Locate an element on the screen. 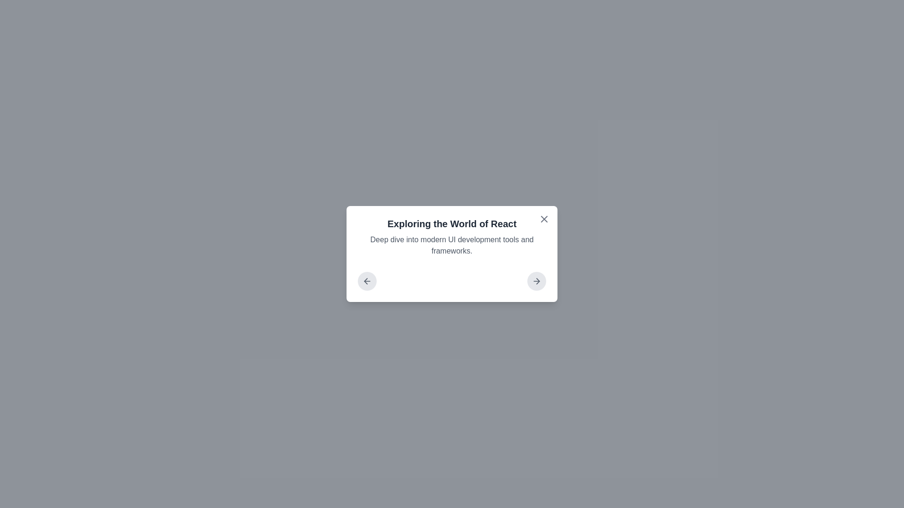  properties of the small arrow icon within the circular button located at the bottom-right corner of the card interface is located at coordinates (538, 280).